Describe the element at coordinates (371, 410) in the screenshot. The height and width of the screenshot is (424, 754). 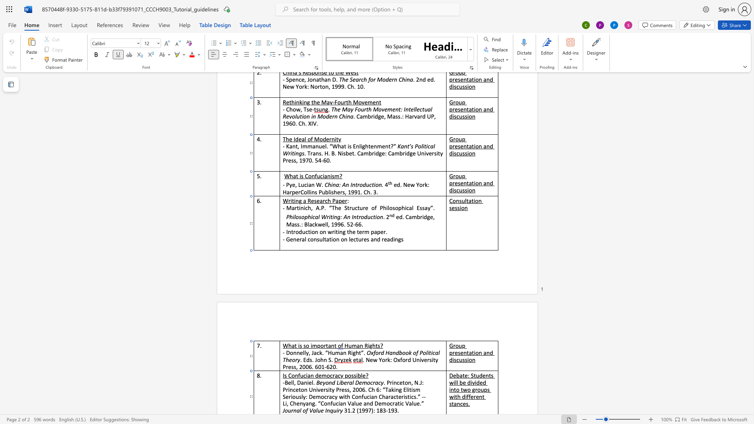
I see `the space between the continuous character "7" and ")" in the text` at that location.